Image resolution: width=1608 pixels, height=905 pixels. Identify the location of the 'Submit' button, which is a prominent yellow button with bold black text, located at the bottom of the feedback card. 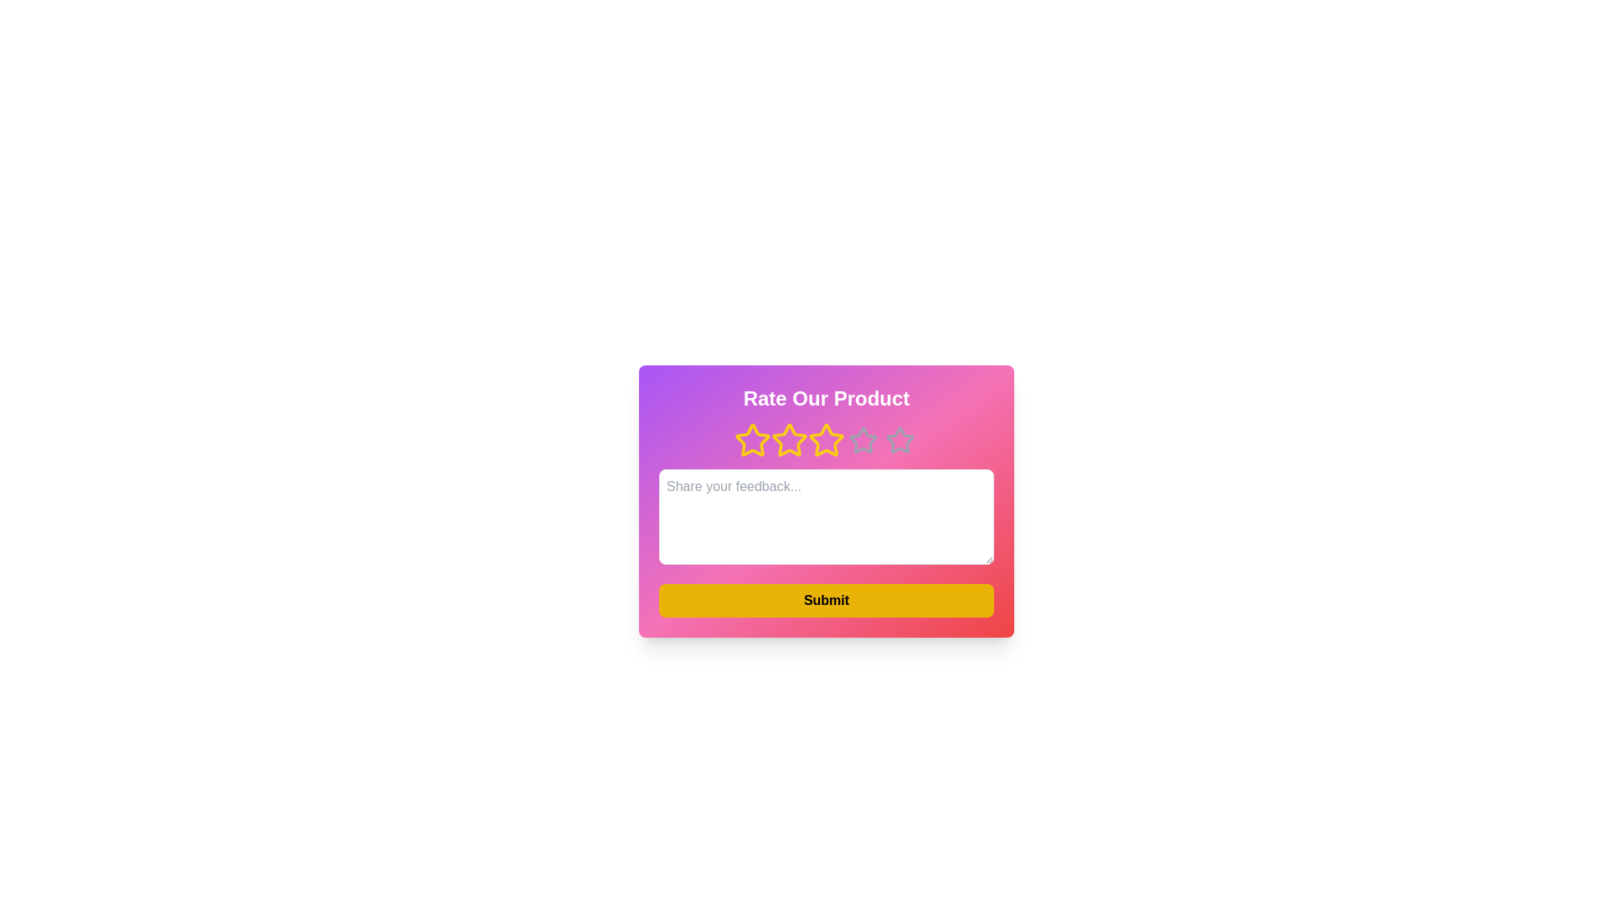
(827, 600).